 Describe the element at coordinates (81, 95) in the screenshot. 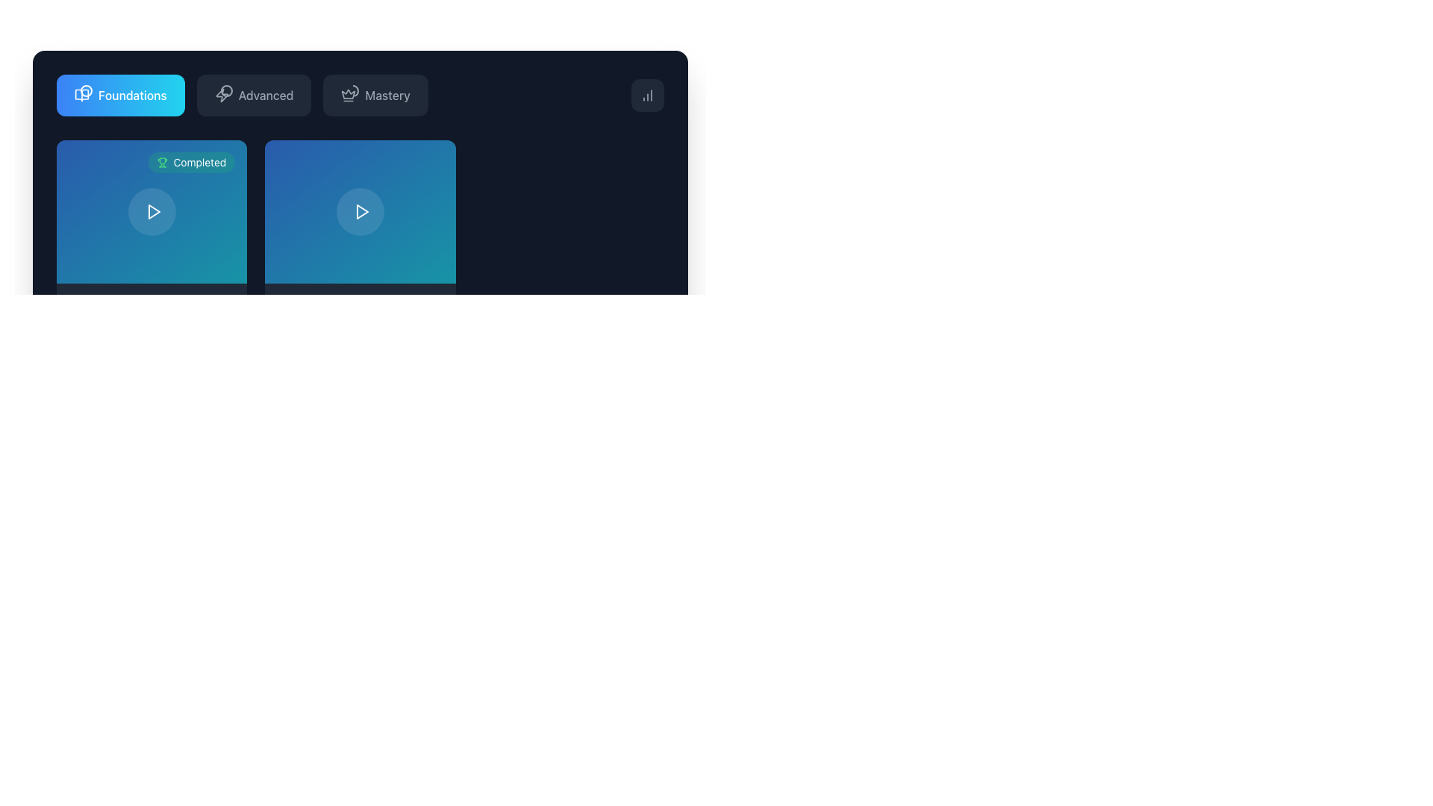

I see `the 'Foundations' tab icon located at the top-left section of the interface` at that location.